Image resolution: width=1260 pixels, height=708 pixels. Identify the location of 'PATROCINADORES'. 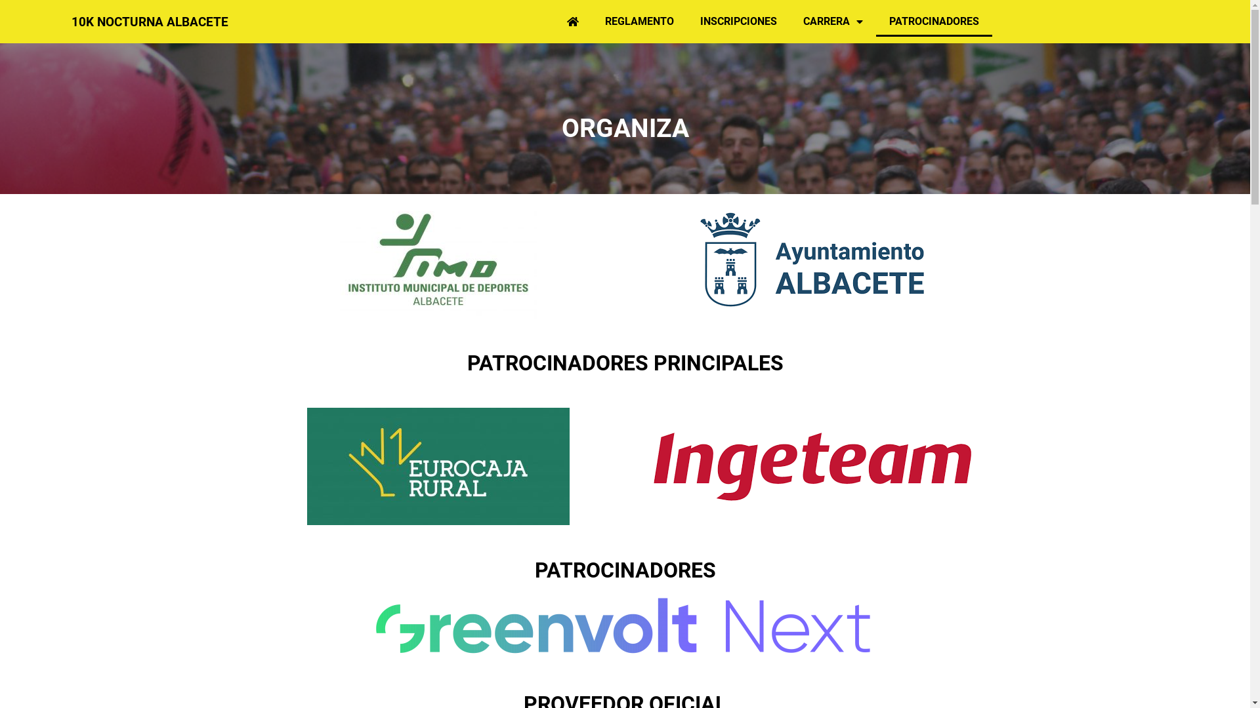
(933, 22).